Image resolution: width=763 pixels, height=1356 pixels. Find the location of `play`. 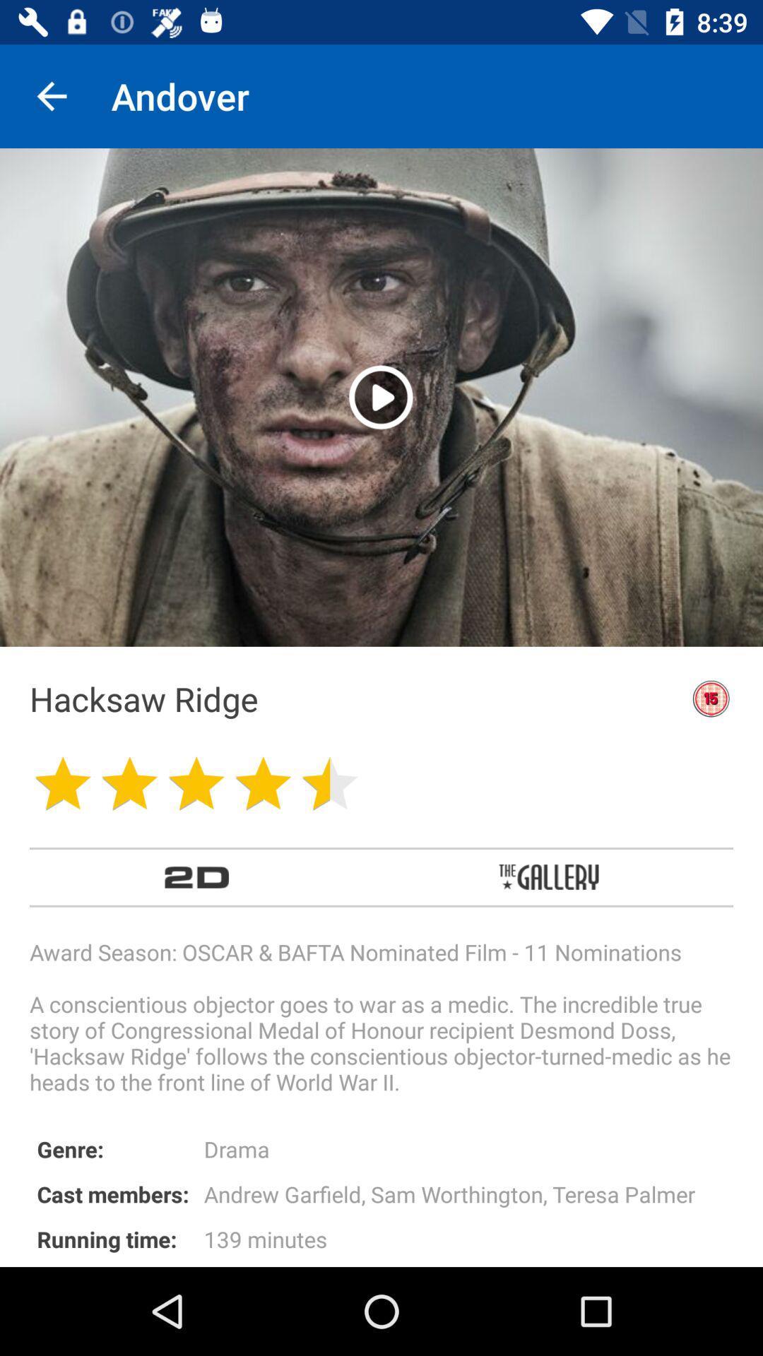

play is located at coordinates (380, 396).